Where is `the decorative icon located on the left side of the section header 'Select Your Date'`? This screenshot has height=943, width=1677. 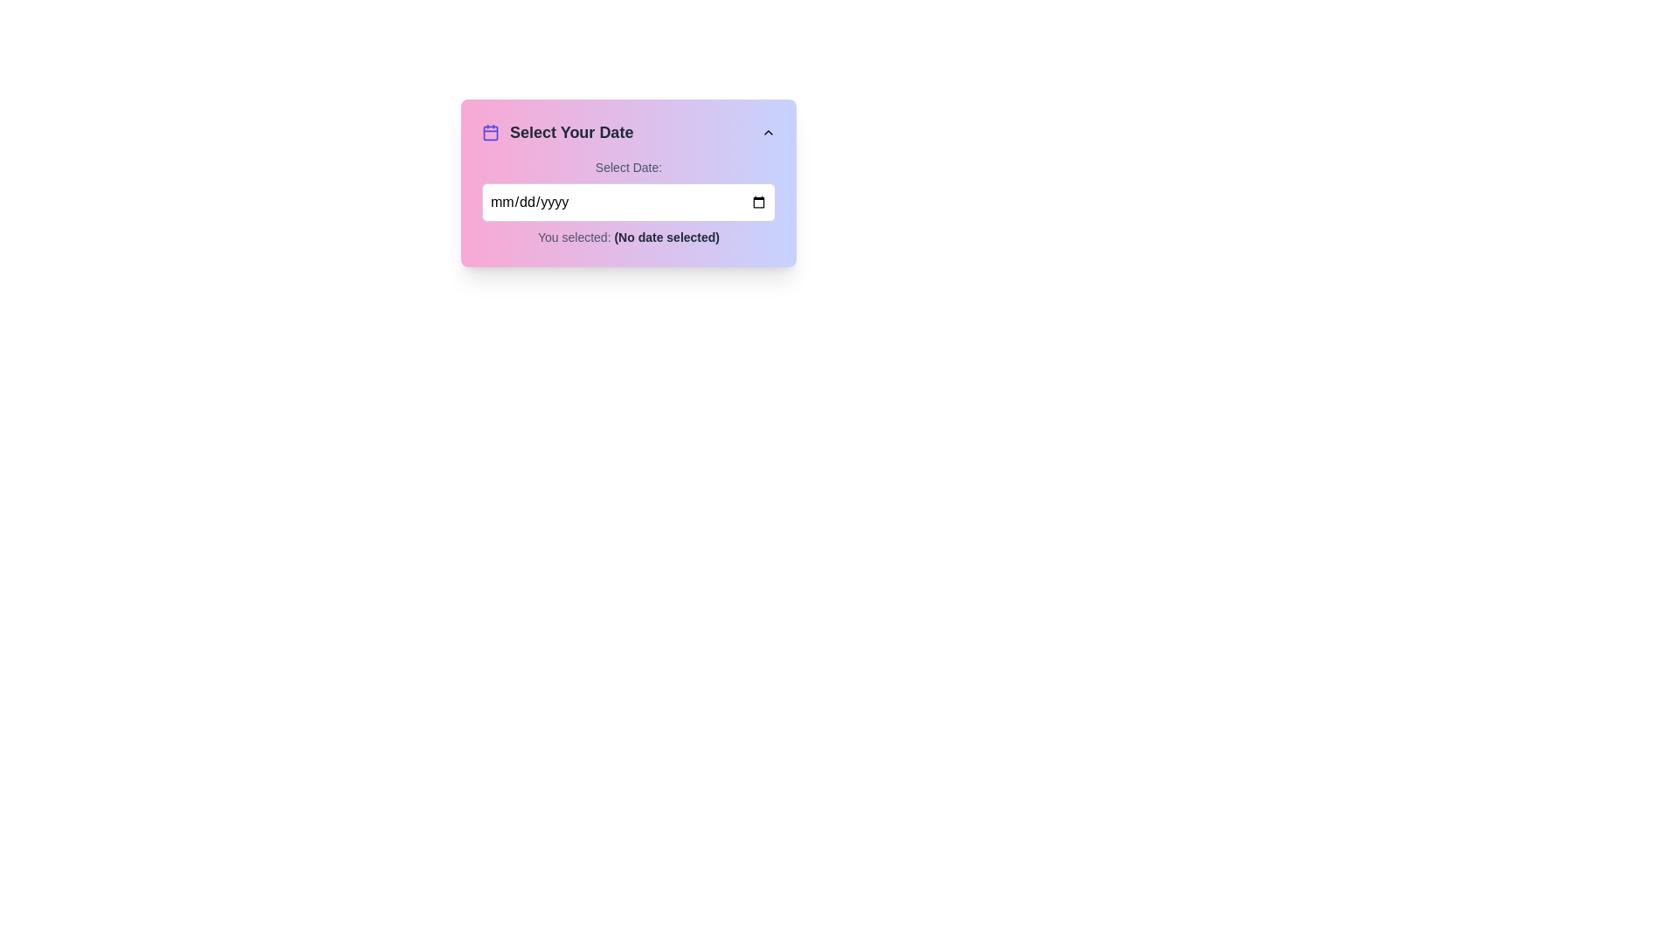 the decorative icon located on the left side of the section header 'Select Your Date' is located at coordinates (489, 131).